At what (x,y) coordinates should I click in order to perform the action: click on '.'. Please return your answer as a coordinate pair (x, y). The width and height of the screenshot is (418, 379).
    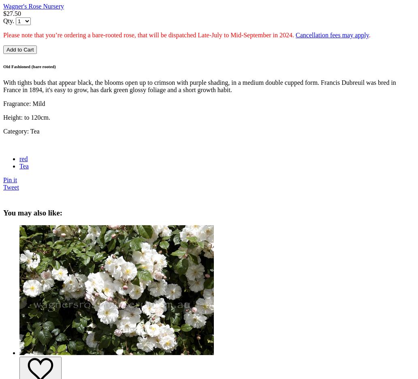
    Looking at the image, I should click on (369, 34).